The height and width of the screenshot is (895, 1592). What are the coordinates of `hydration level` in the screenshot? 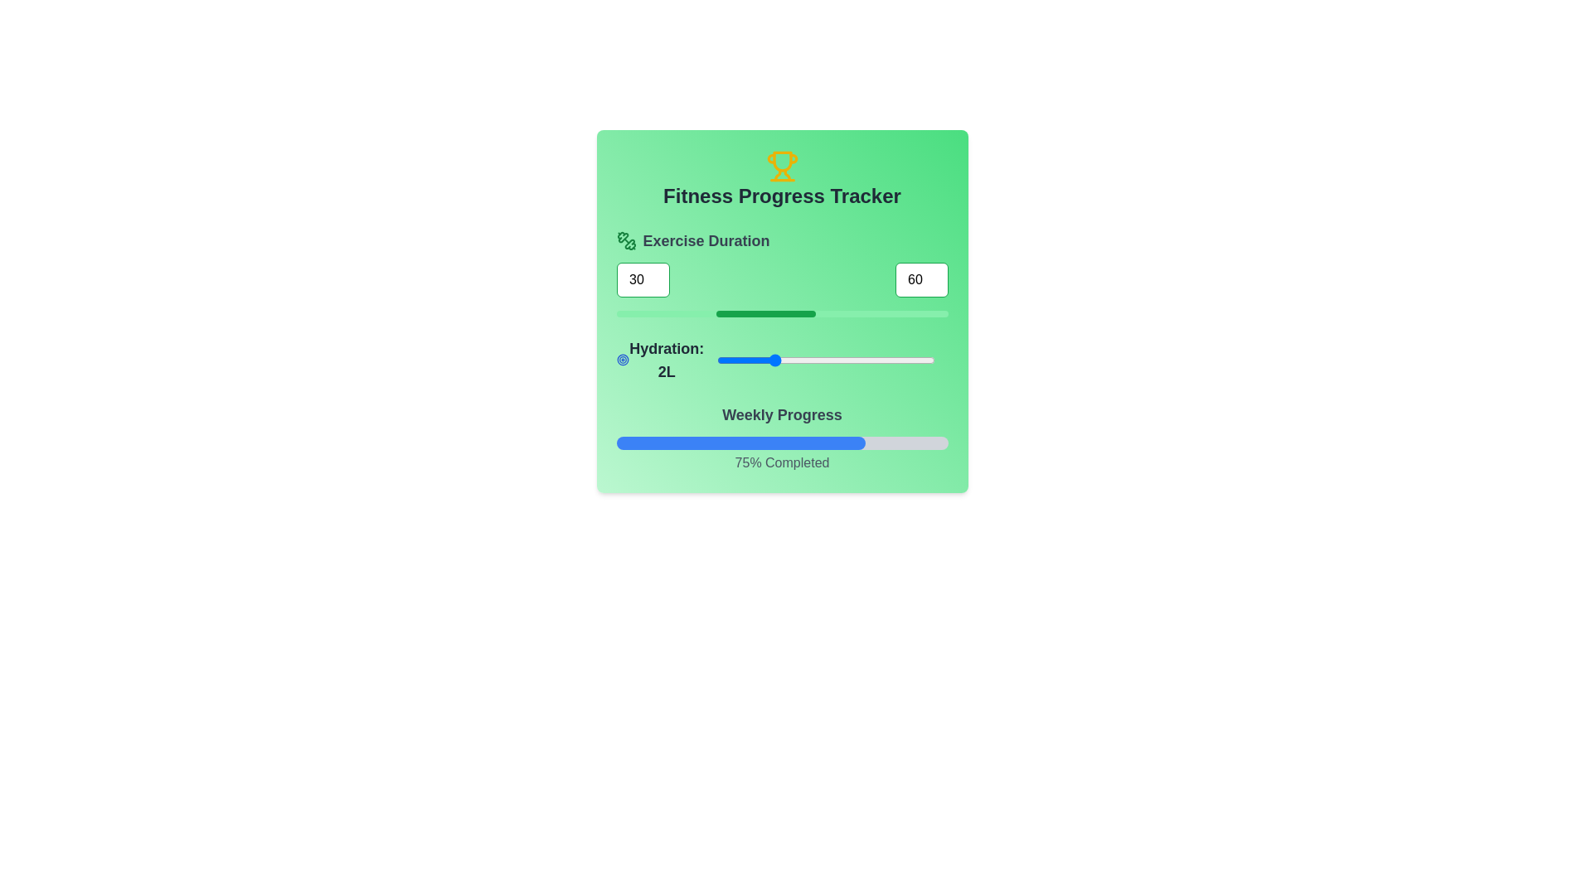 It's located at (770, 360).